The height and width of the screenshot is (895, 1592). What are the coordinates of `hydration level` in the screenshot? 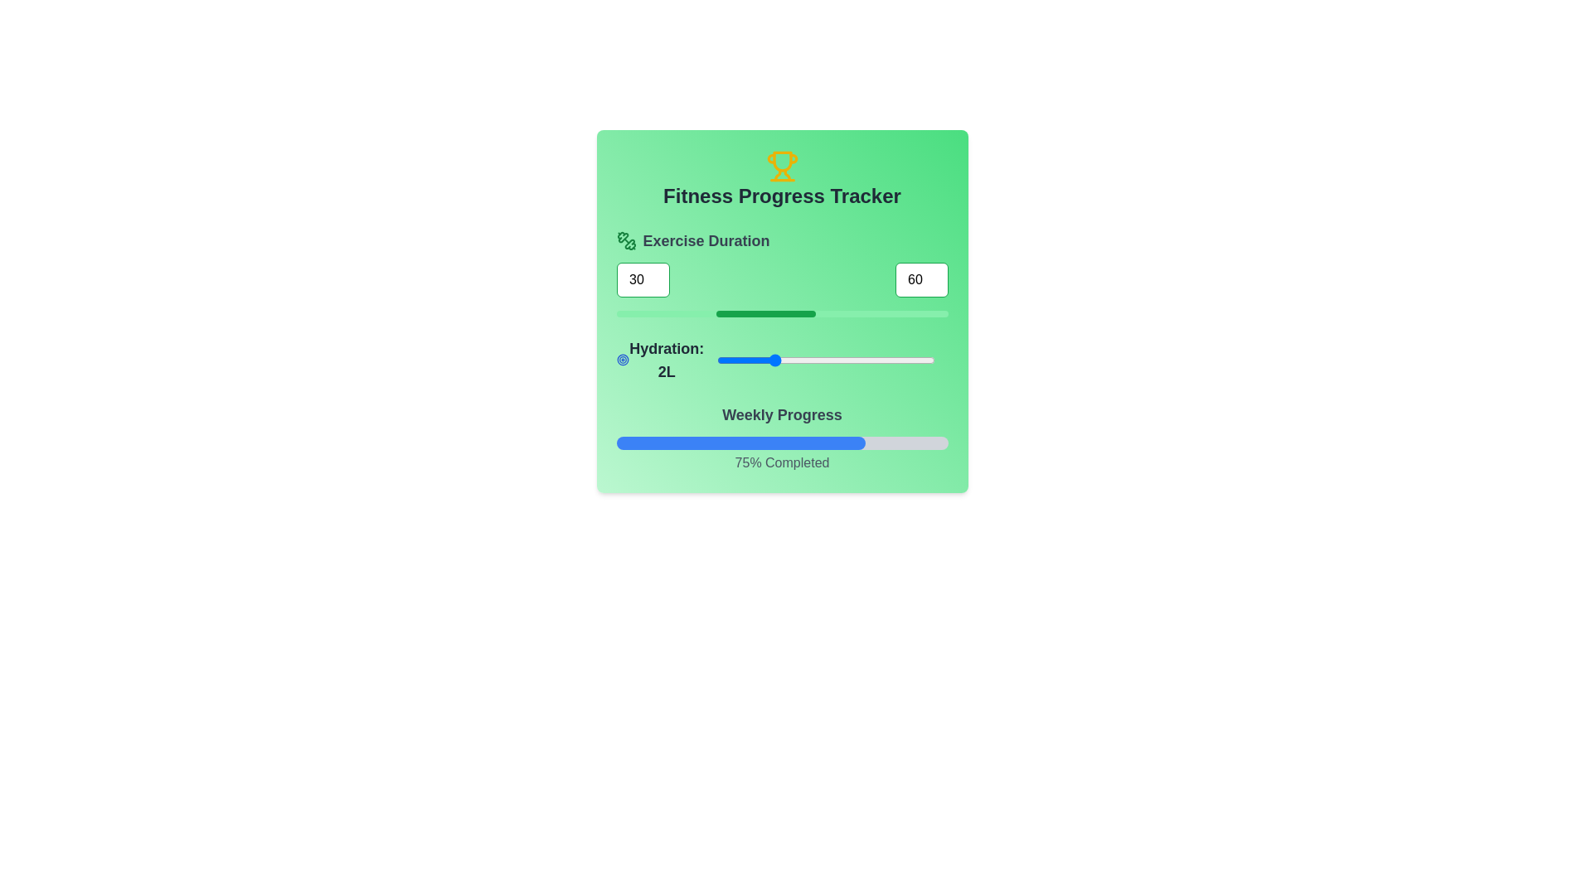 It's located at (770, 360).